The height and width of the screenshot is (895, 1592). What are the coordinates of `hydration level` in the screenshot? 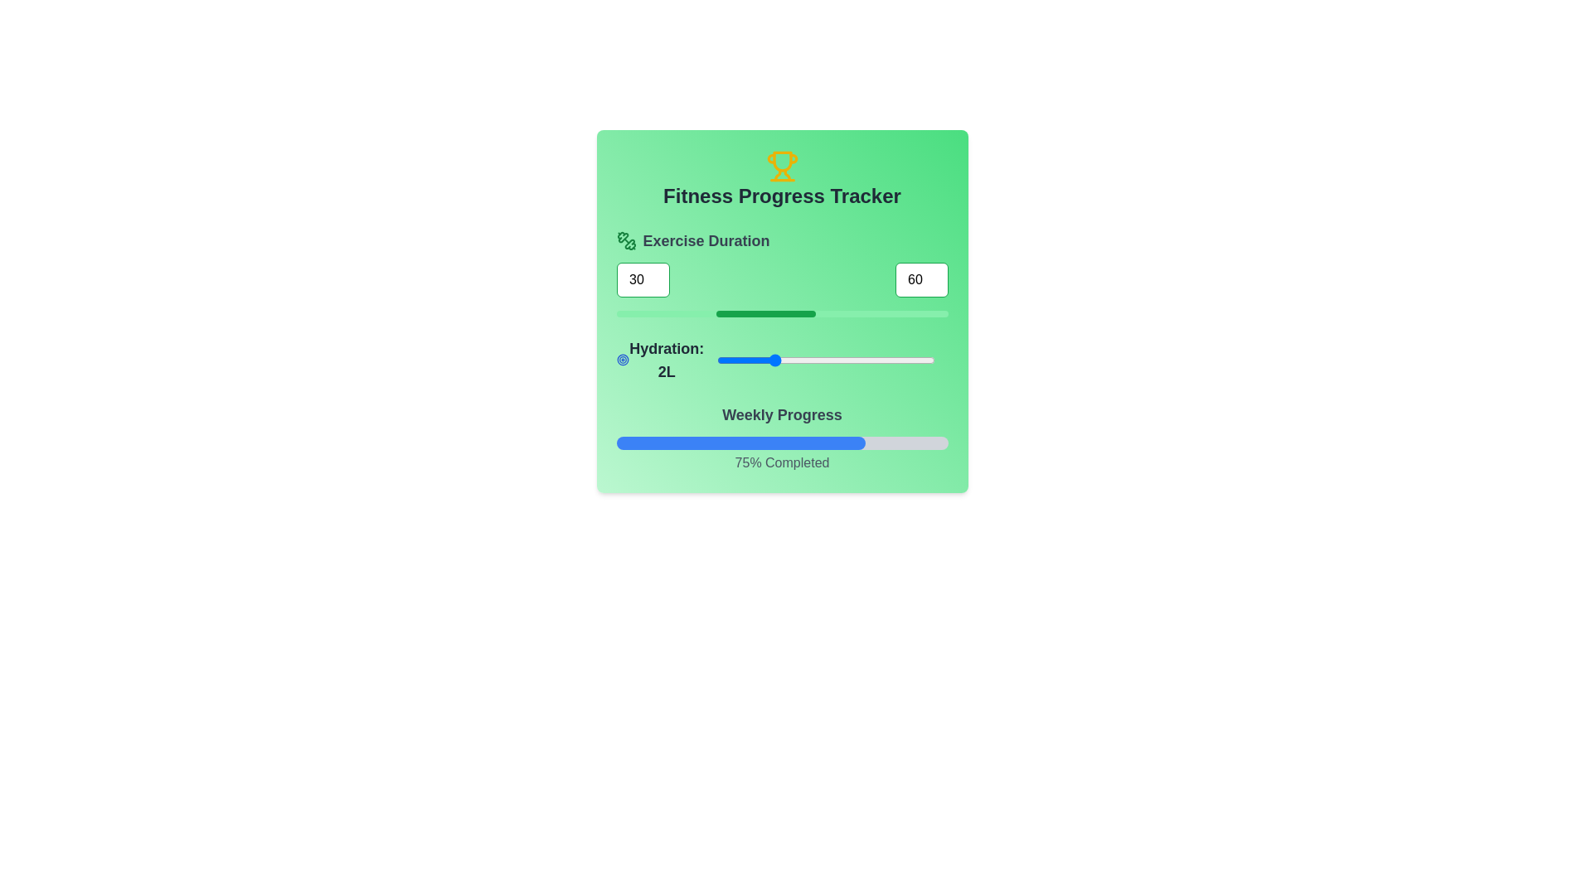 It's located at (770, 360).